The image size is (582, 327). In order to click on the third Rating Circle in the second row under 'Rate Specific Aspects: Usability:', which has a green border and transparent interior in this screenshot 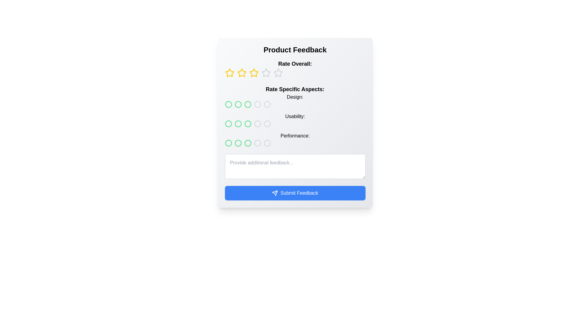, I will do `click(248, 123)`.